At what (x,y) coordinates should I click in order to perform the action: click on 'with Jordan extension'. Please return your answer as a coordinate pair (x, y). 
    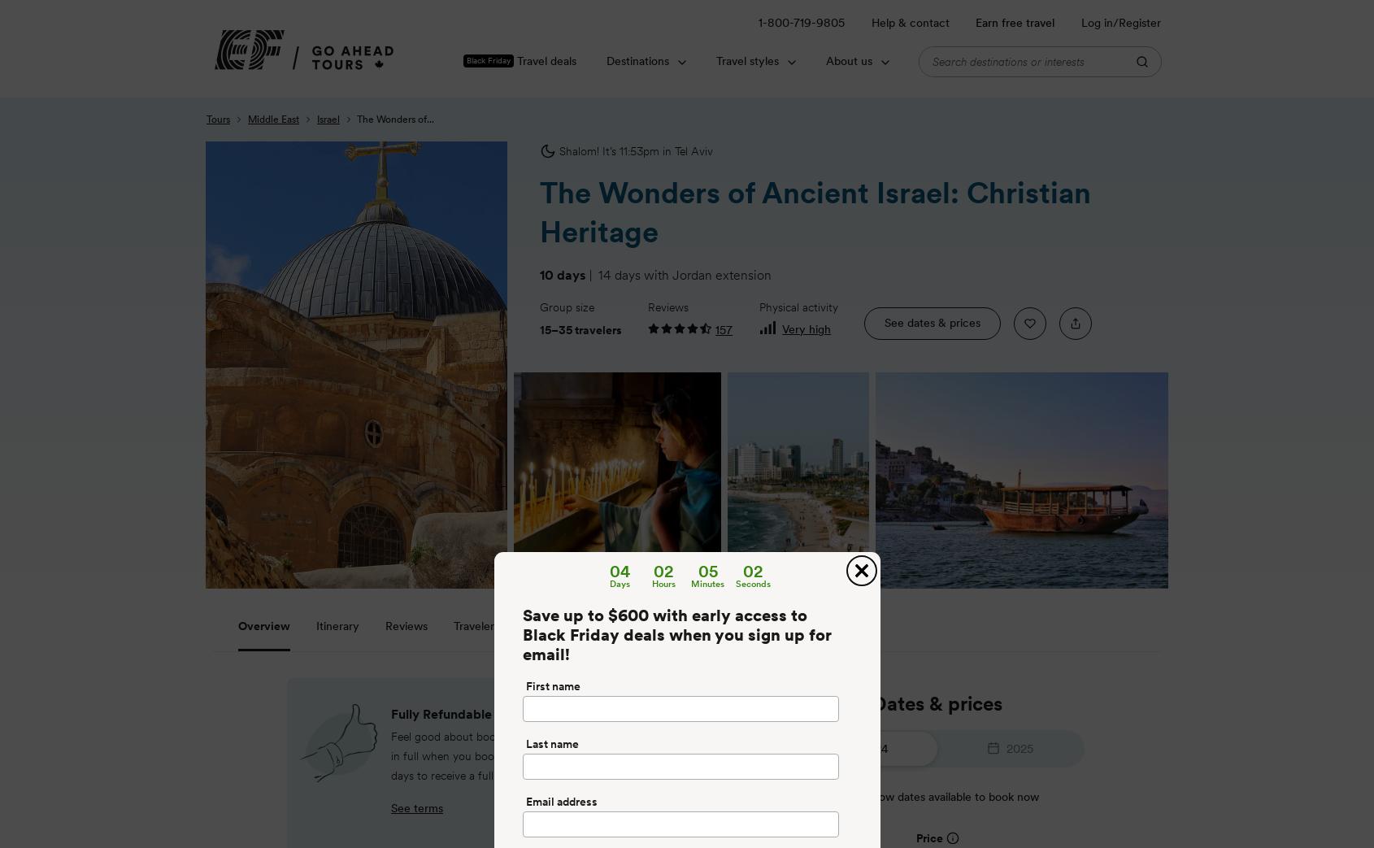
    Looking at the image, I should click on (707, 272).